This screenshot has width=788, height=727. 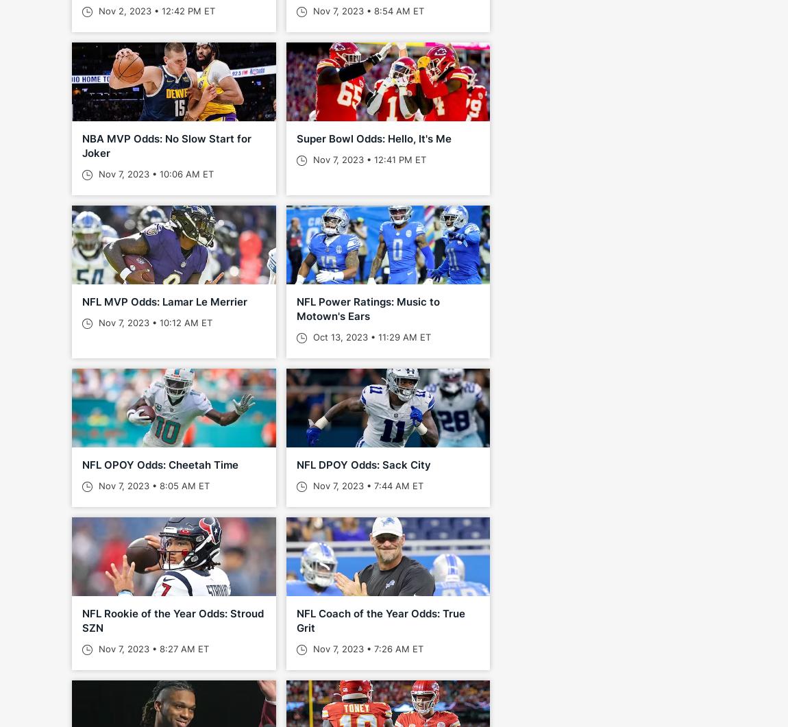 What do you see at coordinates (153, 173) in the screenshot?
I see `'Nov 7, 2023 • 10:06 AM ET'` at bounding box center [153, 173].